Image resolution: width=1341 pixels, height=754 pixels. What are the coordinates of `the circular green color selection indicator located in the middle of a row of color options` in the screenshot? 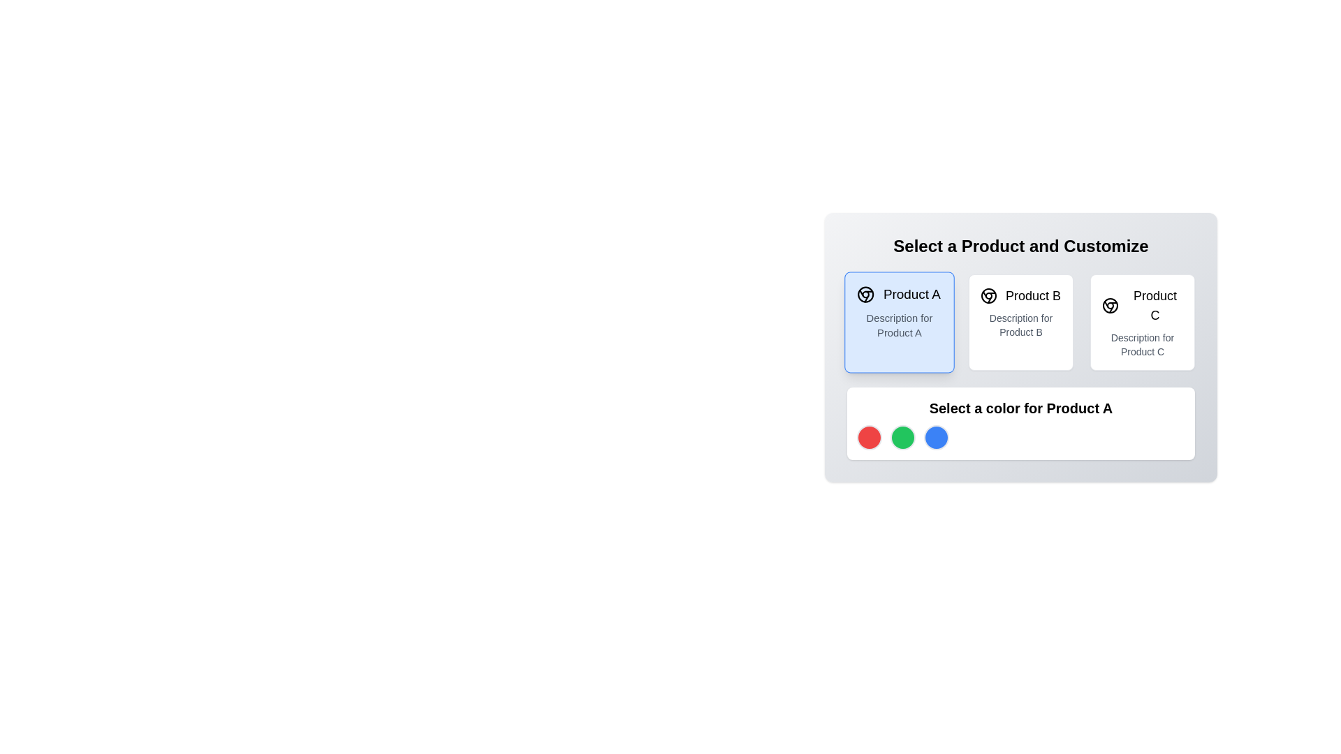 It's located at (902, 437).